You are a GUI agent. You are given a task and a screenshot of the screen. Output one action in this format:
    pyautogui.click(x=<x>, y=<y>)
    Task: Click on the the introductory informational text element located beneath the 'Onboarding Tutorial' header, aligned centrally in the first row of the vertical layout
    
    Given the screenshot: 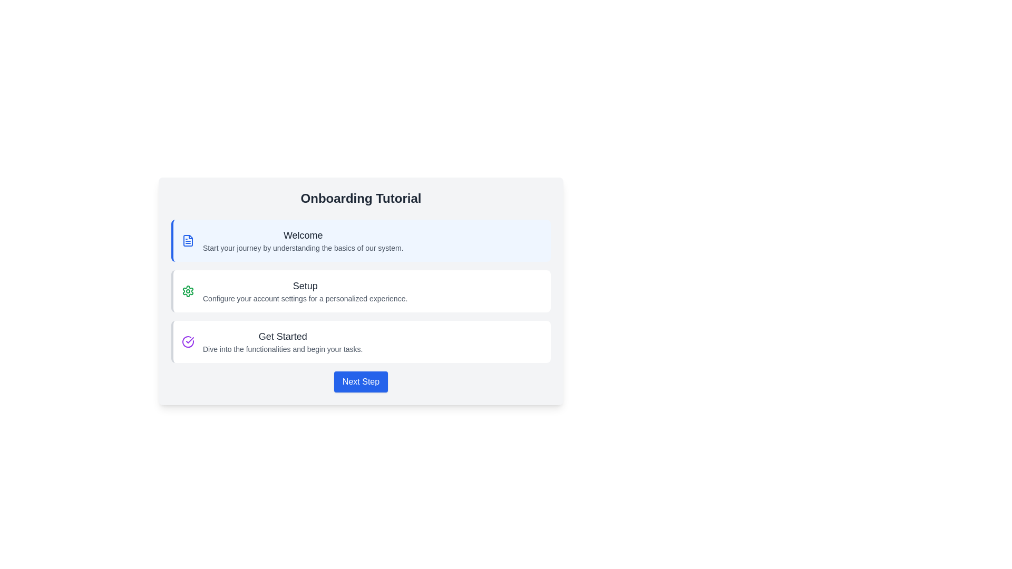 What is the action you would take?
    pyautogui.click(x=303, y=240)
    